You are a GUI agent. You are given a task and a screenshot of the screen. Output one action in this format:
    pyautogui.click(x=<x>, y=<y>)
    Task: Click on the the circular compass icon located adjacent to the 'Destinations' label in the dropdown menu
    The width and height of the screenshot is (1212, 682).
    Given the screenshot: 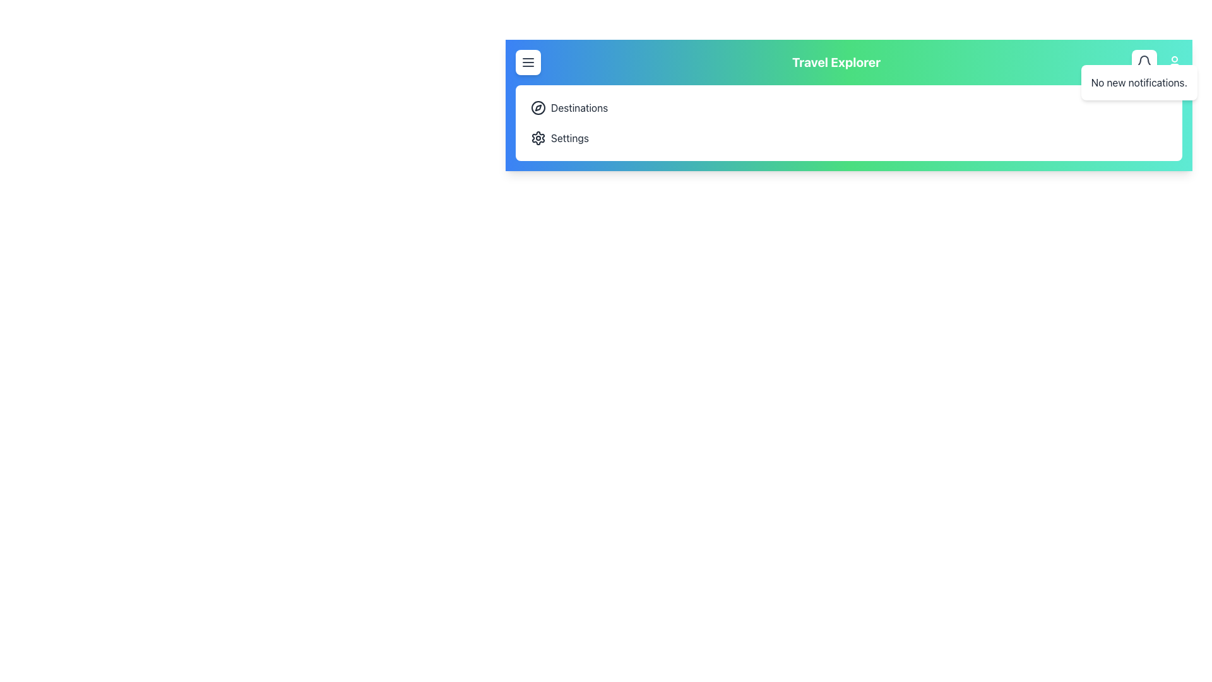 What is the action you would take?
    pyautogui.click(x=538, y=107)
    